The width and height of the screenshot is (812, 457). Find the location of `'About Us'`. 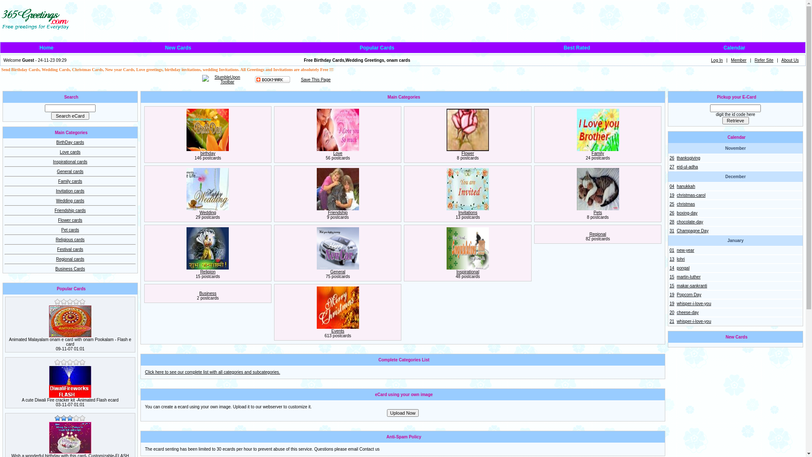

'About Us' is located at coordinates (781, 60).